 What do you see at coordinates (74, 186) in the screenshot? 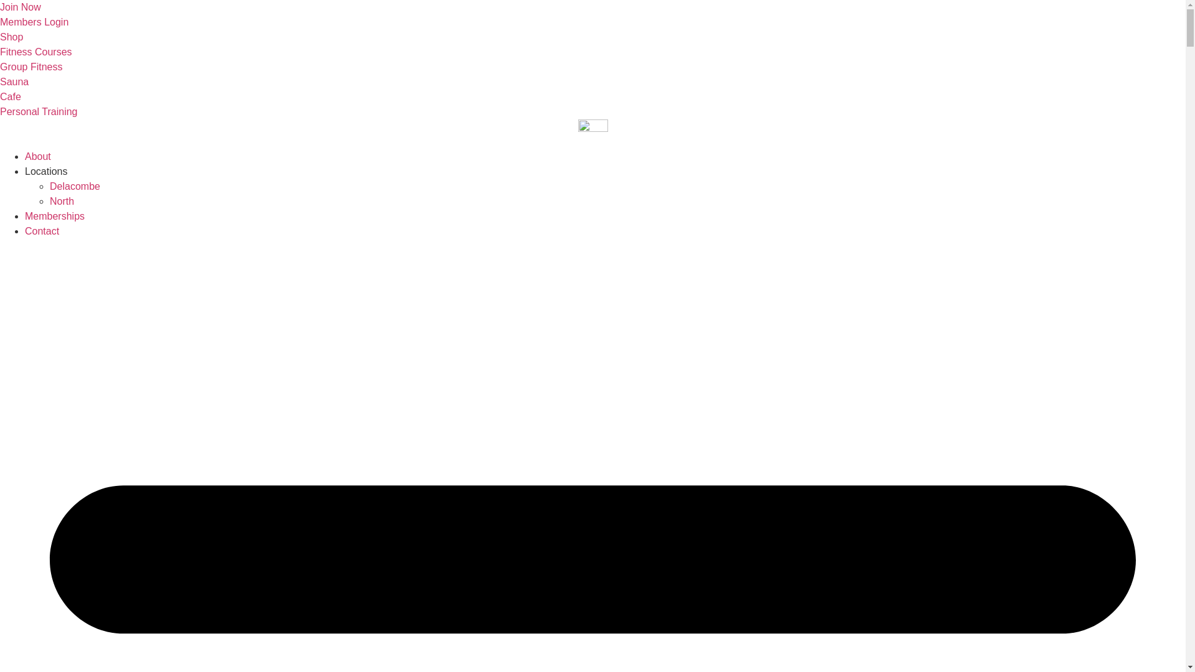
I see `'Delacombe'` at bounding box center [74, 186].